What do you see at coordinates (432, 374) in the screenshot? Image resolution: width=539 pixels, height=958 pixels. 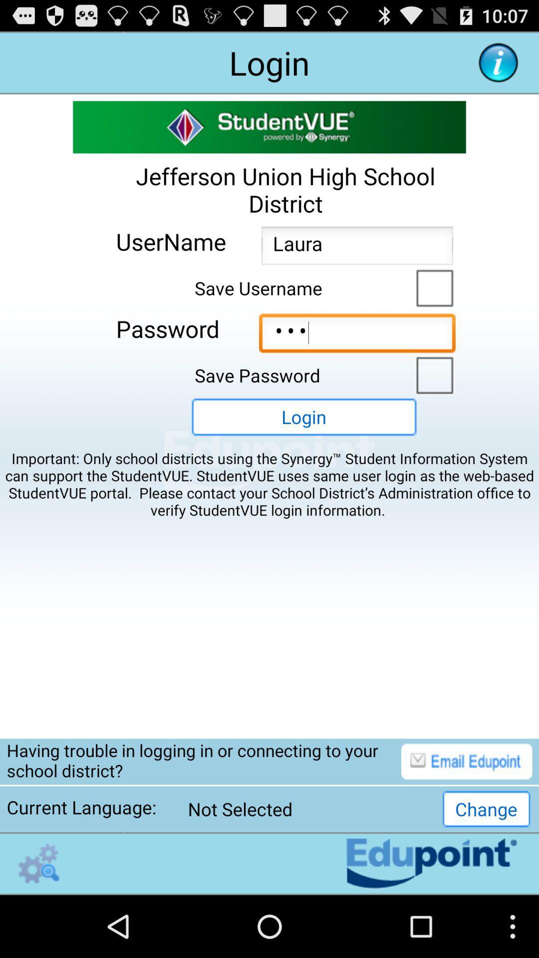 I see `switch save password option` at bounding box center [432, 374].